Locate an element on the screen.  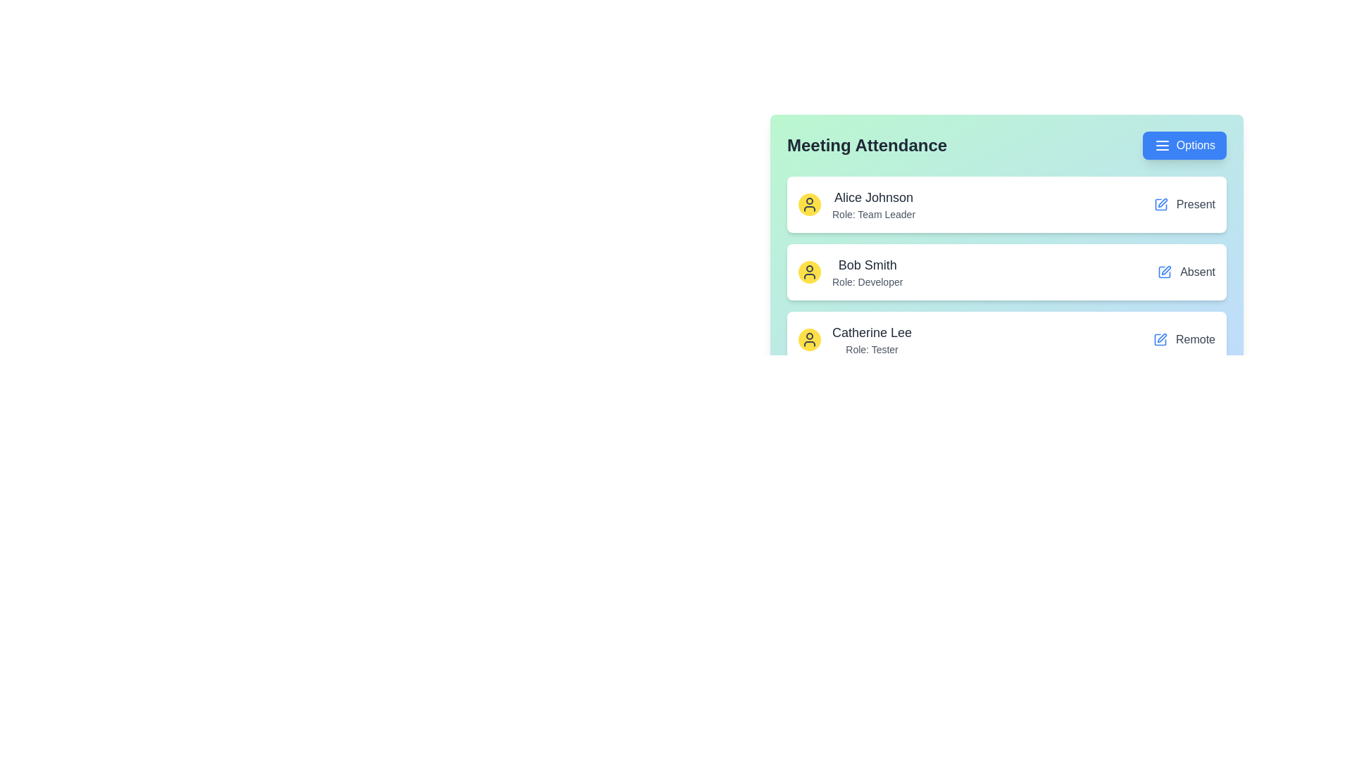
the text element displaying 'Catherine Lee' located in the 'Meeting Attendance' section is located at coordinates (871, 339).